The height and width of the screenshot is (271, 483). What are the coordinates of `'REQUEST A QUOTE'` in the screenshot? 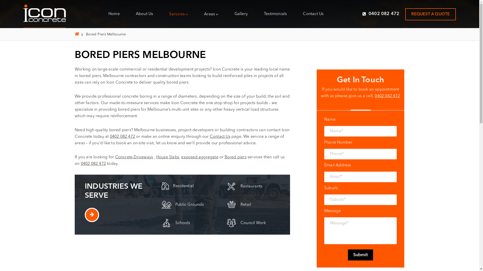 It's located at (430, 14).